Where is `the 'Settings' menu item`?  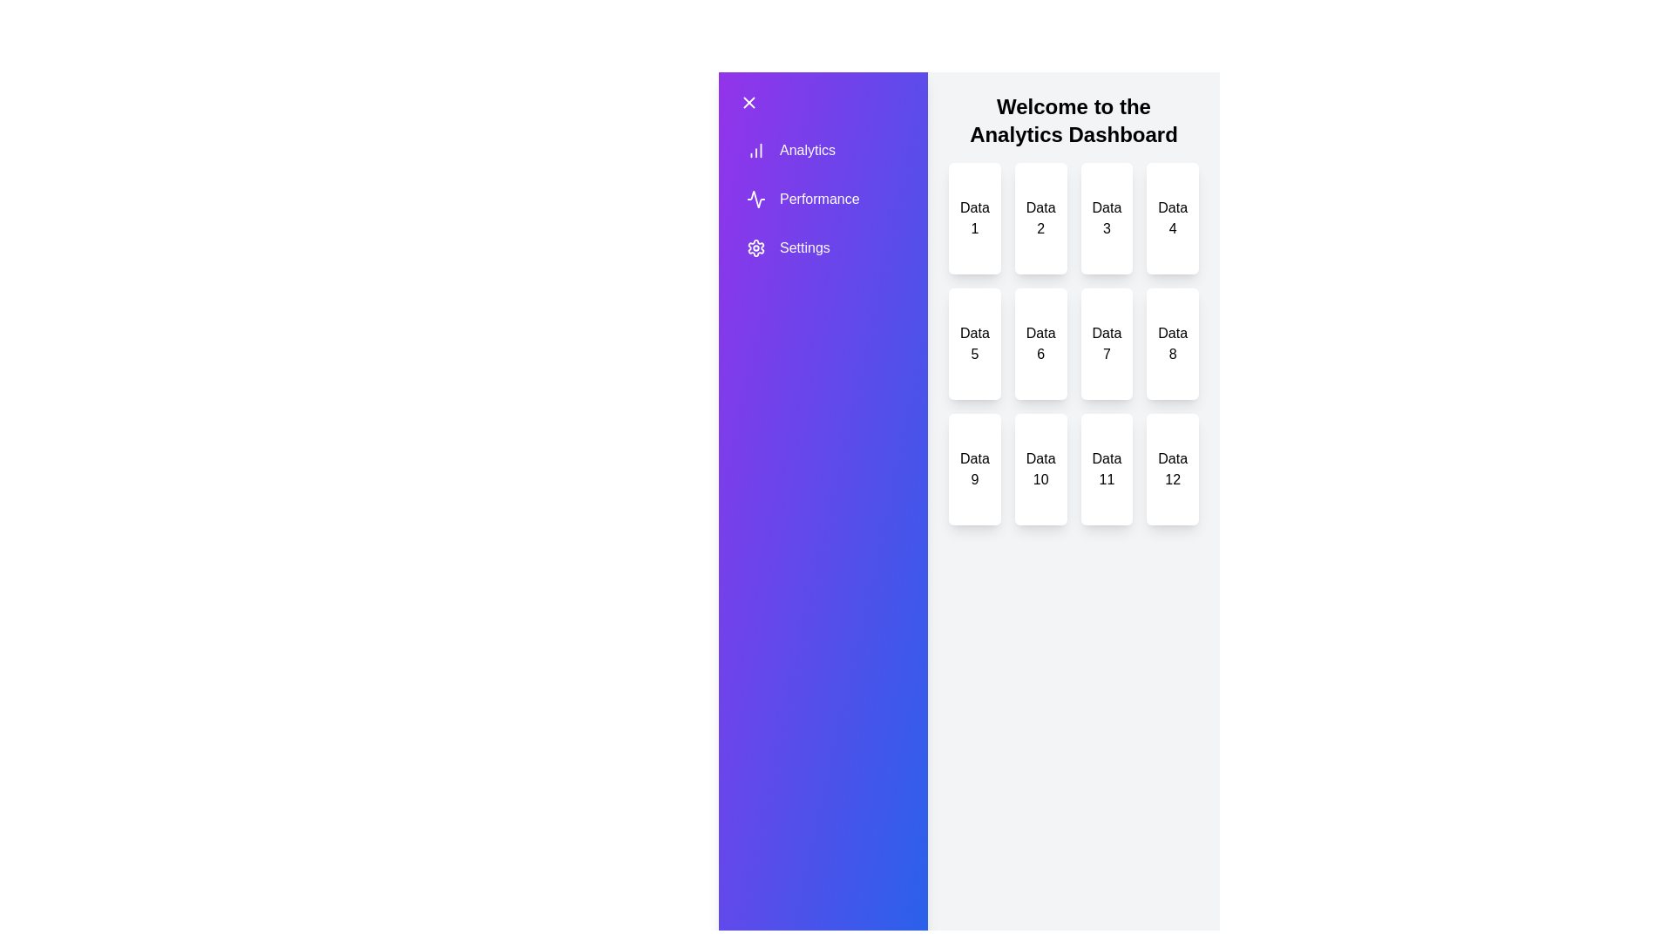
the 'Settings' menu item is located at coordinates (802, 248).